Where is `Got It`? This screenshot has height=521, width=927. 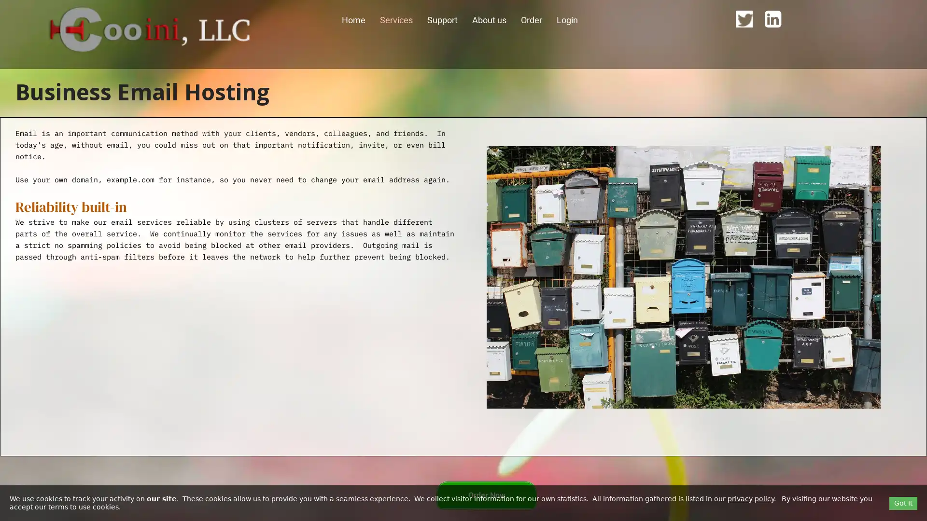 Got It is located at coordinates (903, 502).